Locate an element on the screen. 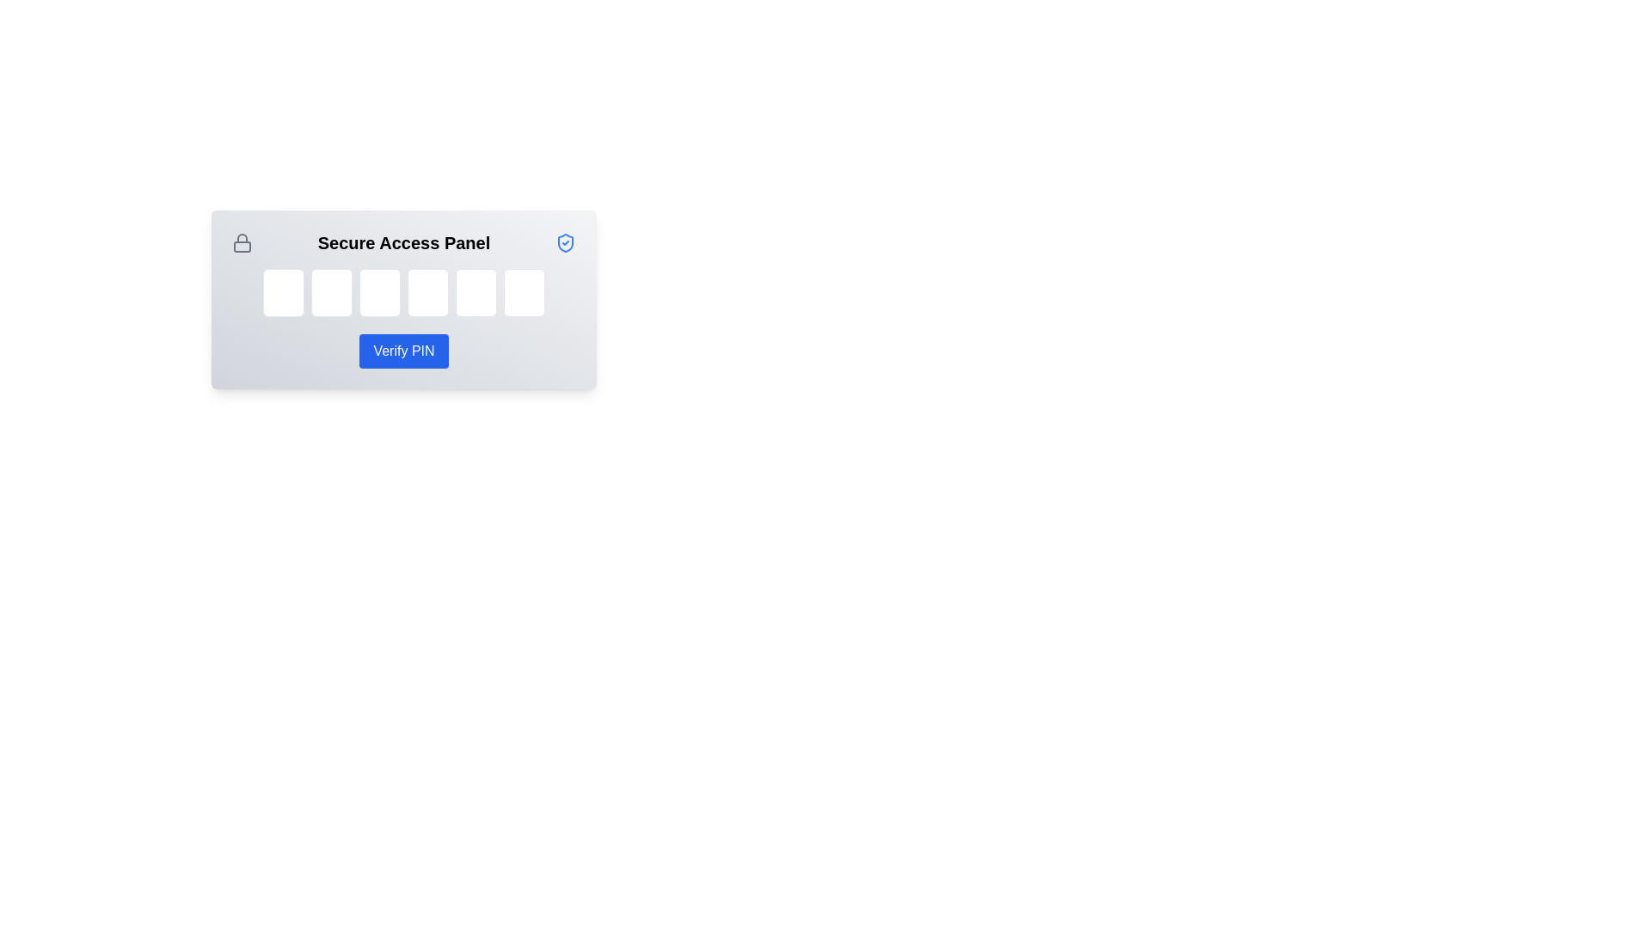  the main title text label positioned at the top of the PIN input interface, which is centered horizontally and flanked by a lock icon on the left and a shield icon on the right is located at coordinates (403, 242).